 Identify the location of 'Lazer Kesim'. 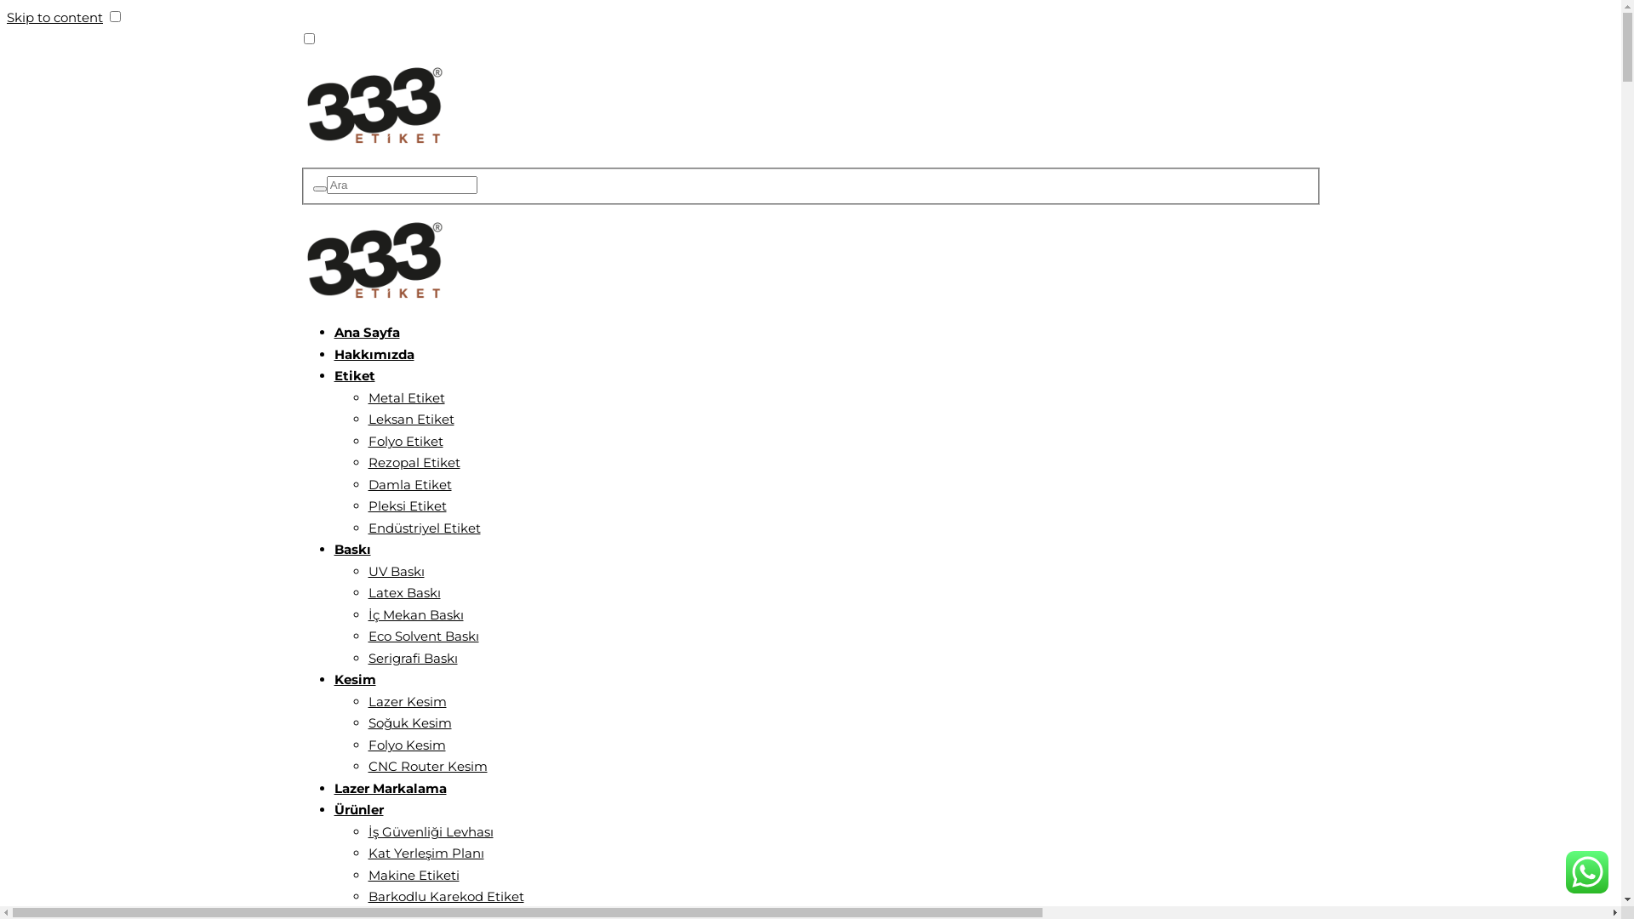
(367, 701).